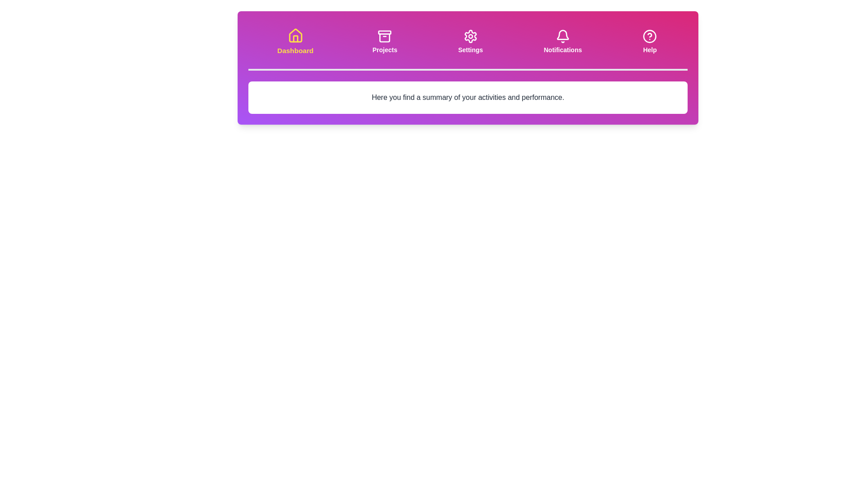 The width and height of the screenshot is (864, 486). Describe the element at coordinates (650, 41) in the screenshot. I see `the Help tab to activate it` at that location.